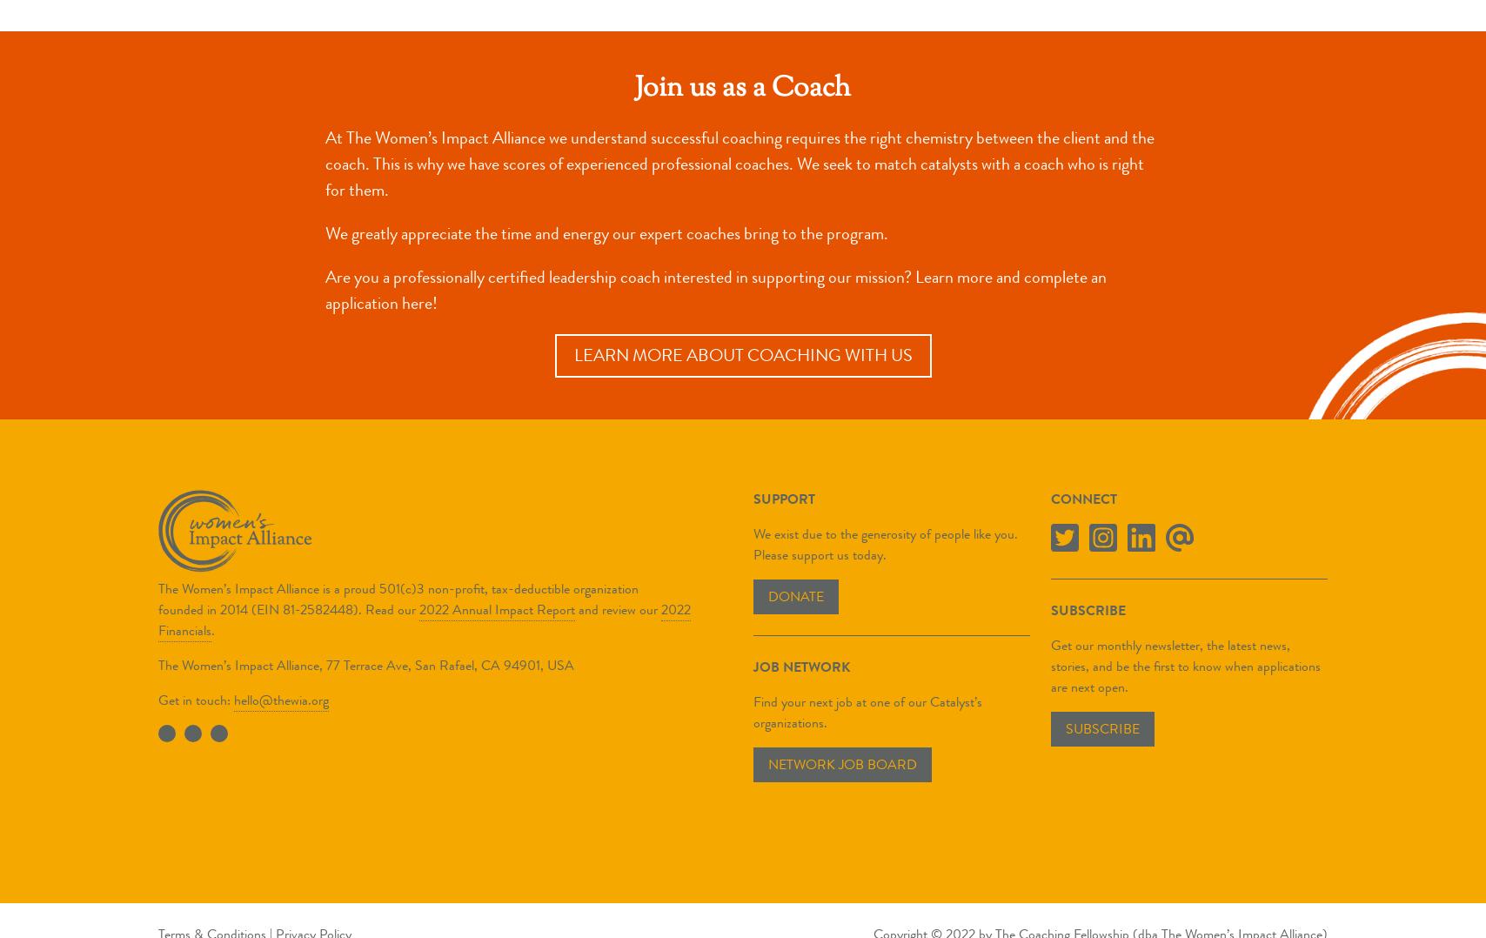  I want to click on 'SUPPORT', so click(784, 497).